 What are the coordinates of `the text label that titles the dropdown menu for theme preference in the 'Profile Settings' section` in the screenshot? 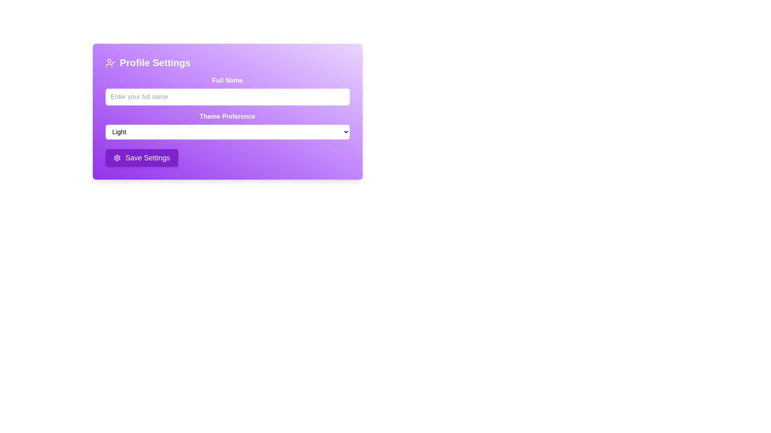 It's located at (227, 116).